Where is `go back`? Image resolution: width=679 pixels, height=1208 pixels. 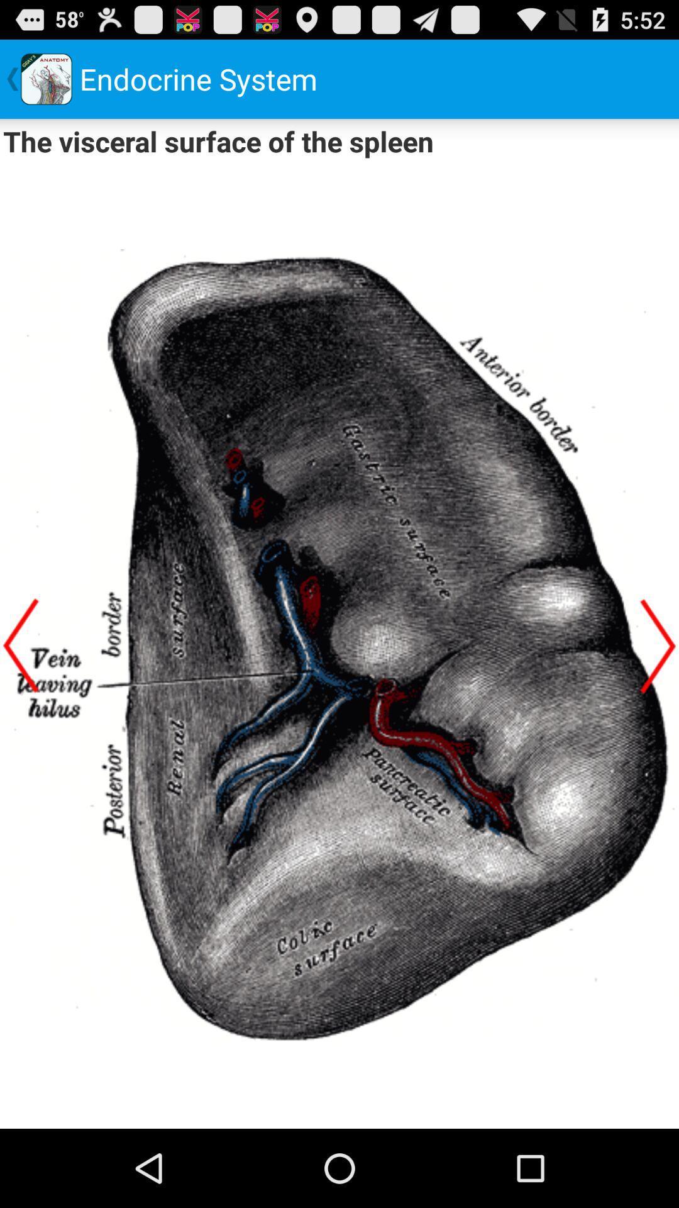 go back is located at coordinates (21, 646).